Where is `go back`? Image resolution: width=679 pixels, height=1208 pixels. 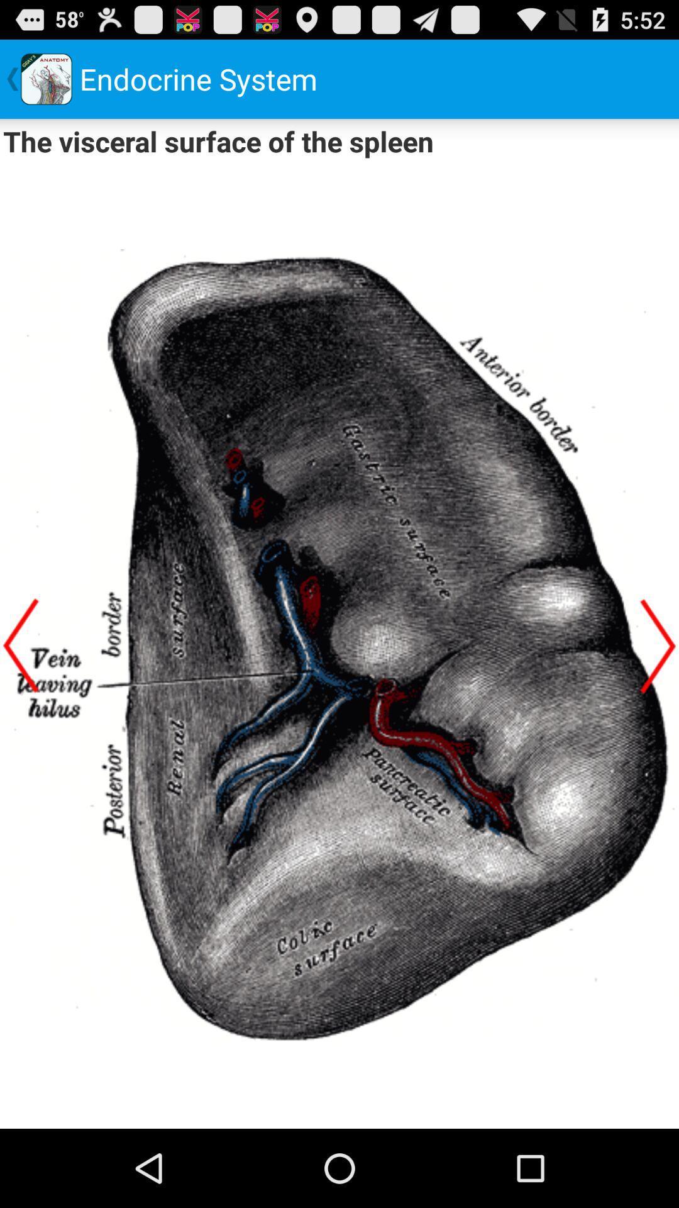 go back is located at coordinates (21, 646).